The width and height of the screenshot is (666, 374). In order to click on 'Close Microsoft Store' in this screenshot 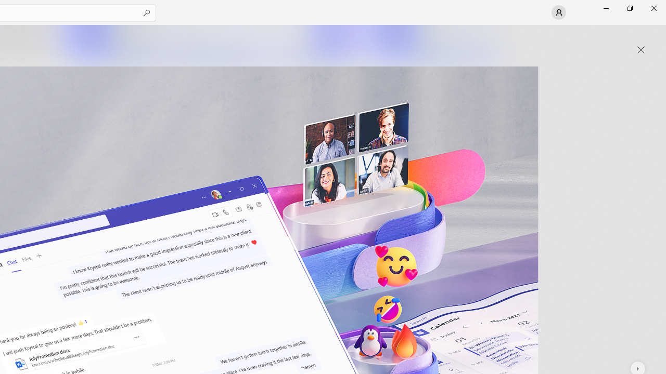, I will do `click(653, 8)`.